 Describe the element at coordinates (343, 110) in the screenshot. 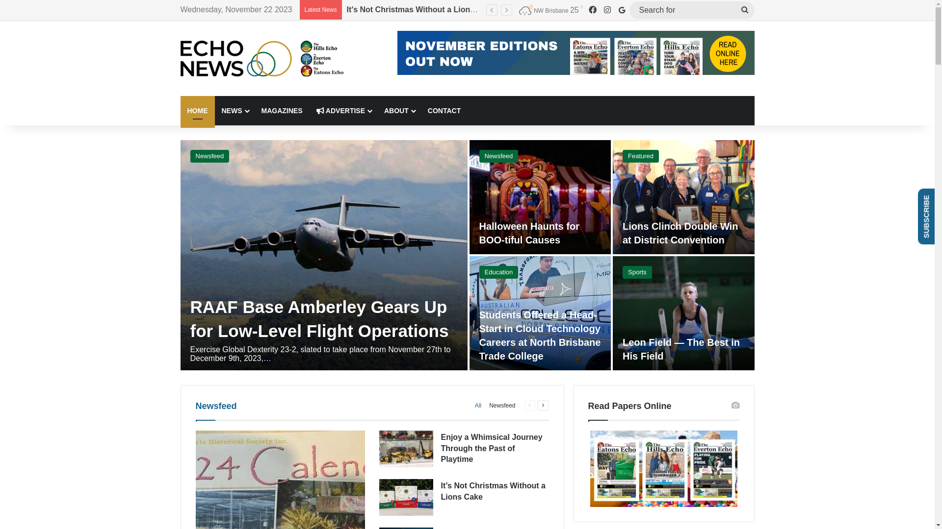

I see `'ADVERTISE'` at that location.